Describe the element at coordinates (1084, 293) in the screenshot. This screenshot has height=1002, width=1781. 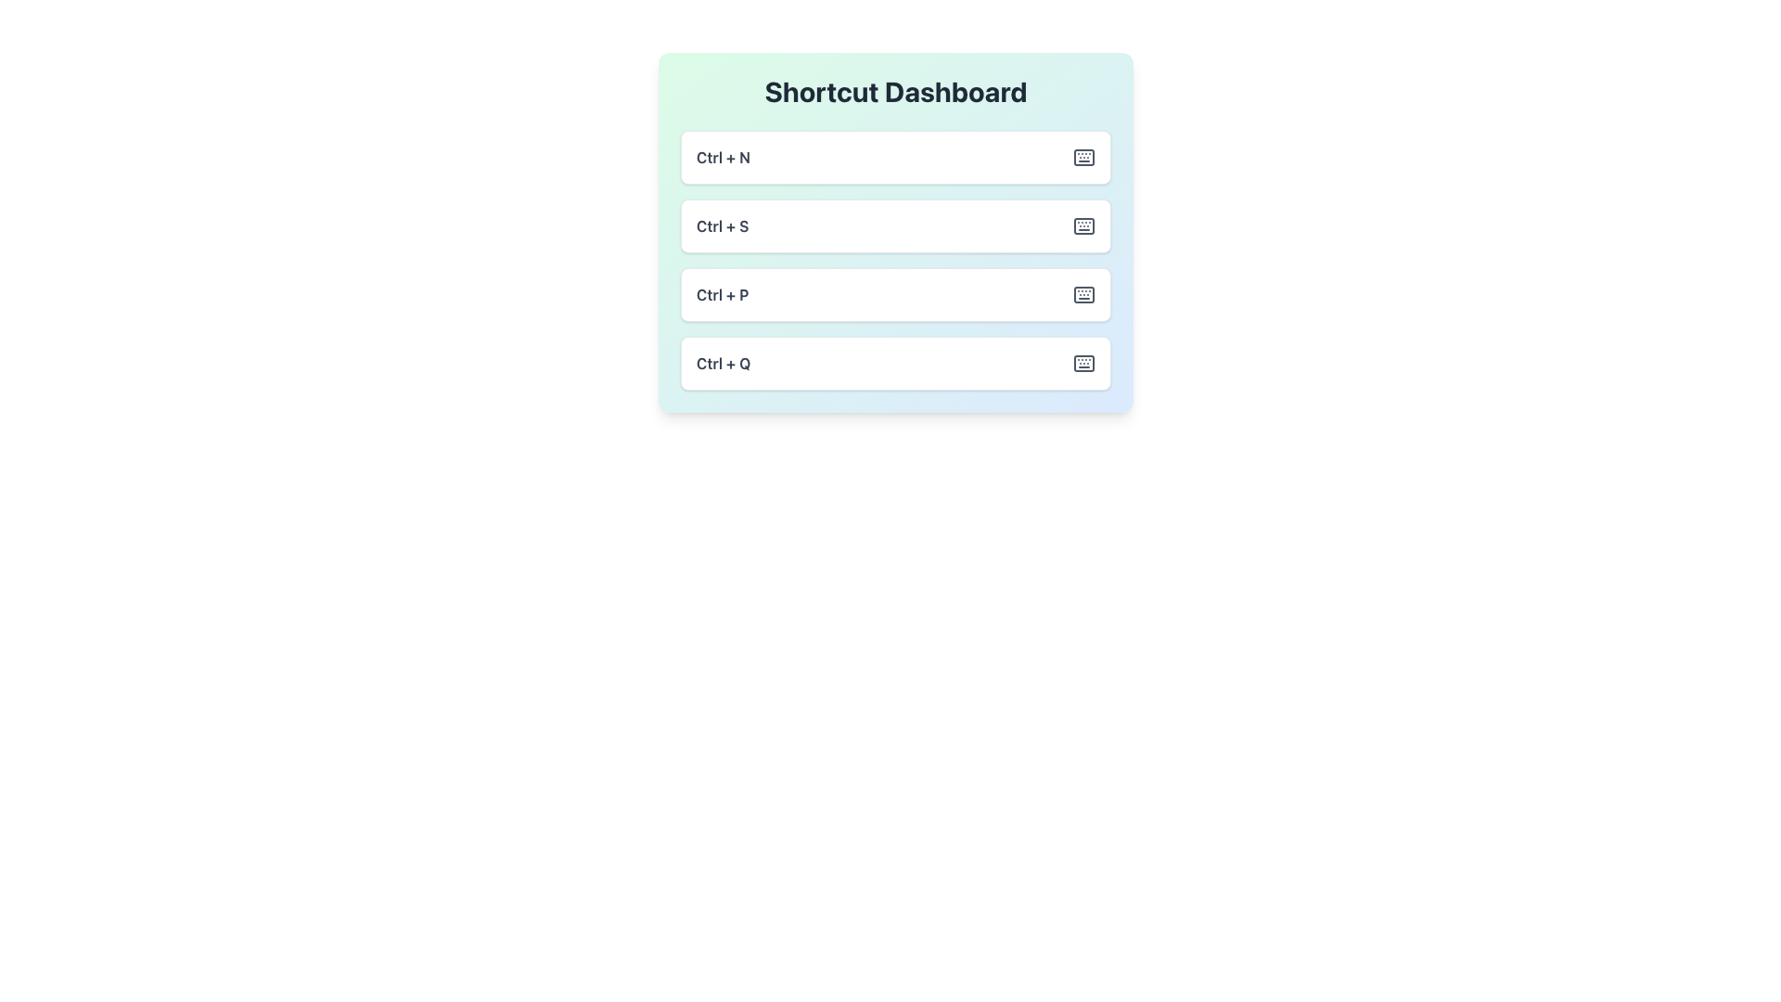
I see `the row labeled 'Ctrl + P' by clicking on the icon positioned to the far right of this row` at that location.